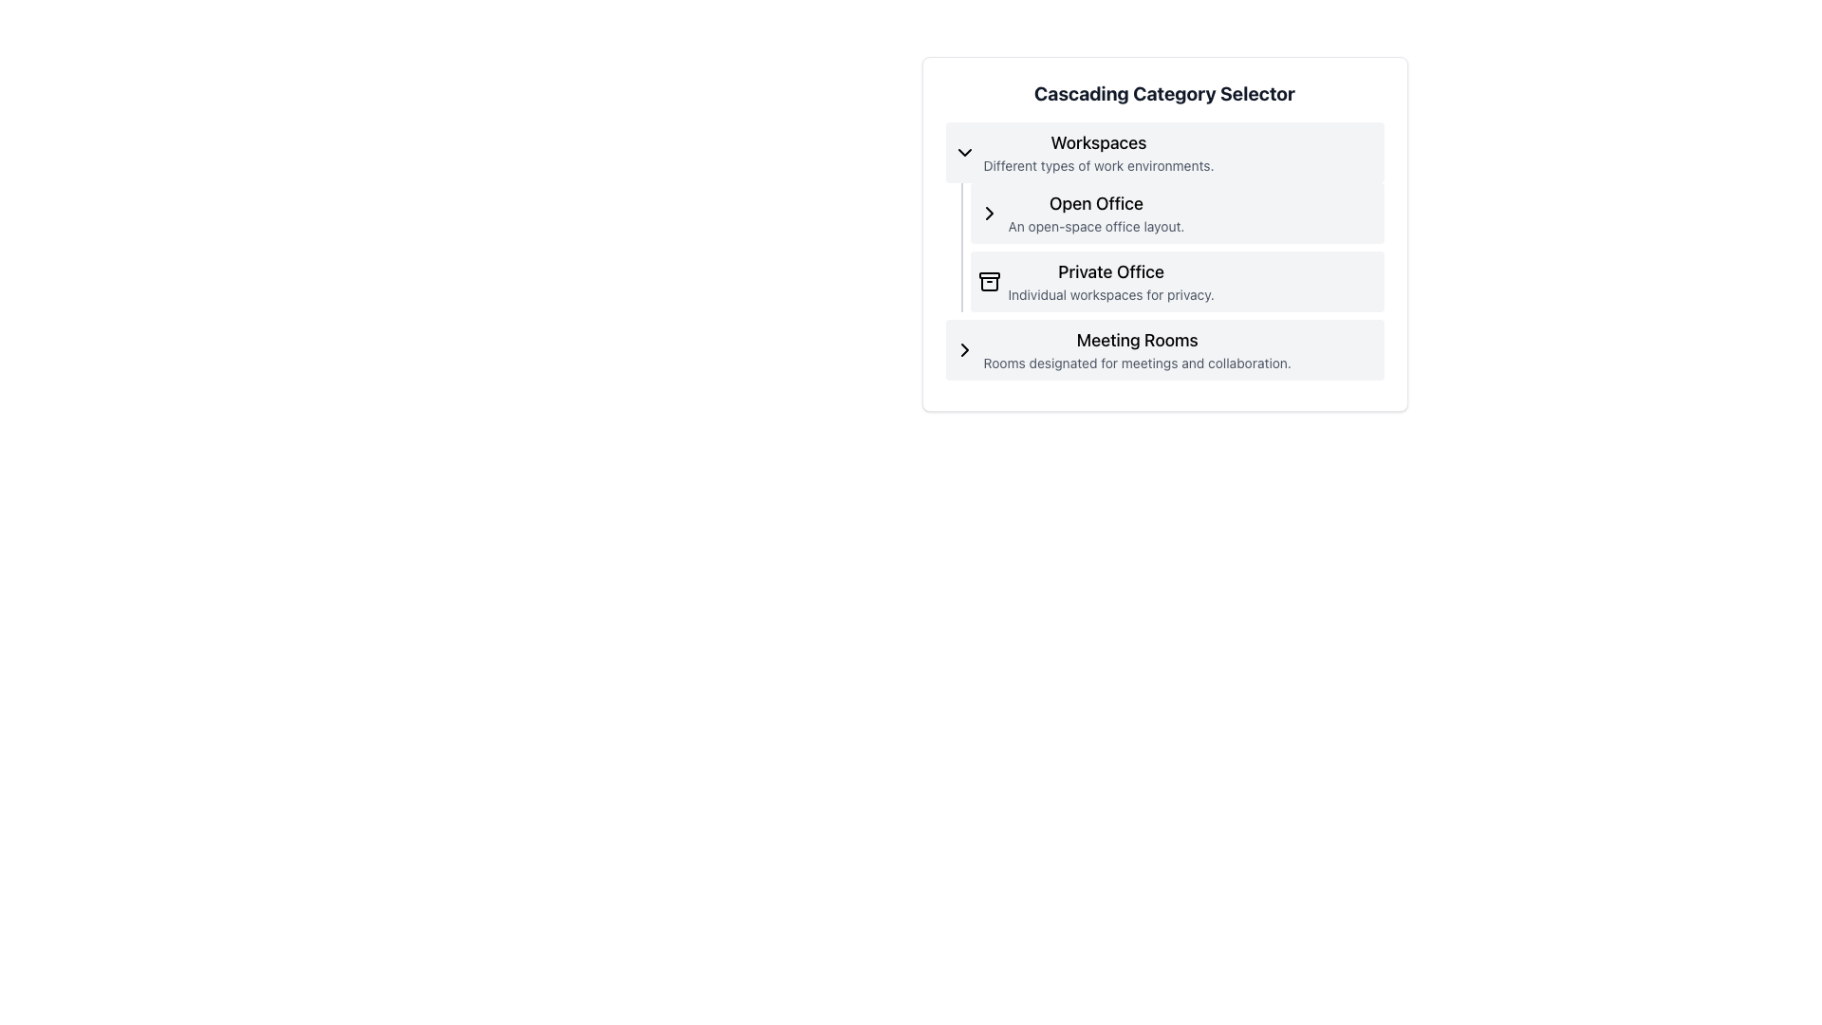  What do you see at coordinates (1163, 350) in the screenshot?
I see `the fourth entry under the 'Workspaces' category` at bounding box center [1163, 350].